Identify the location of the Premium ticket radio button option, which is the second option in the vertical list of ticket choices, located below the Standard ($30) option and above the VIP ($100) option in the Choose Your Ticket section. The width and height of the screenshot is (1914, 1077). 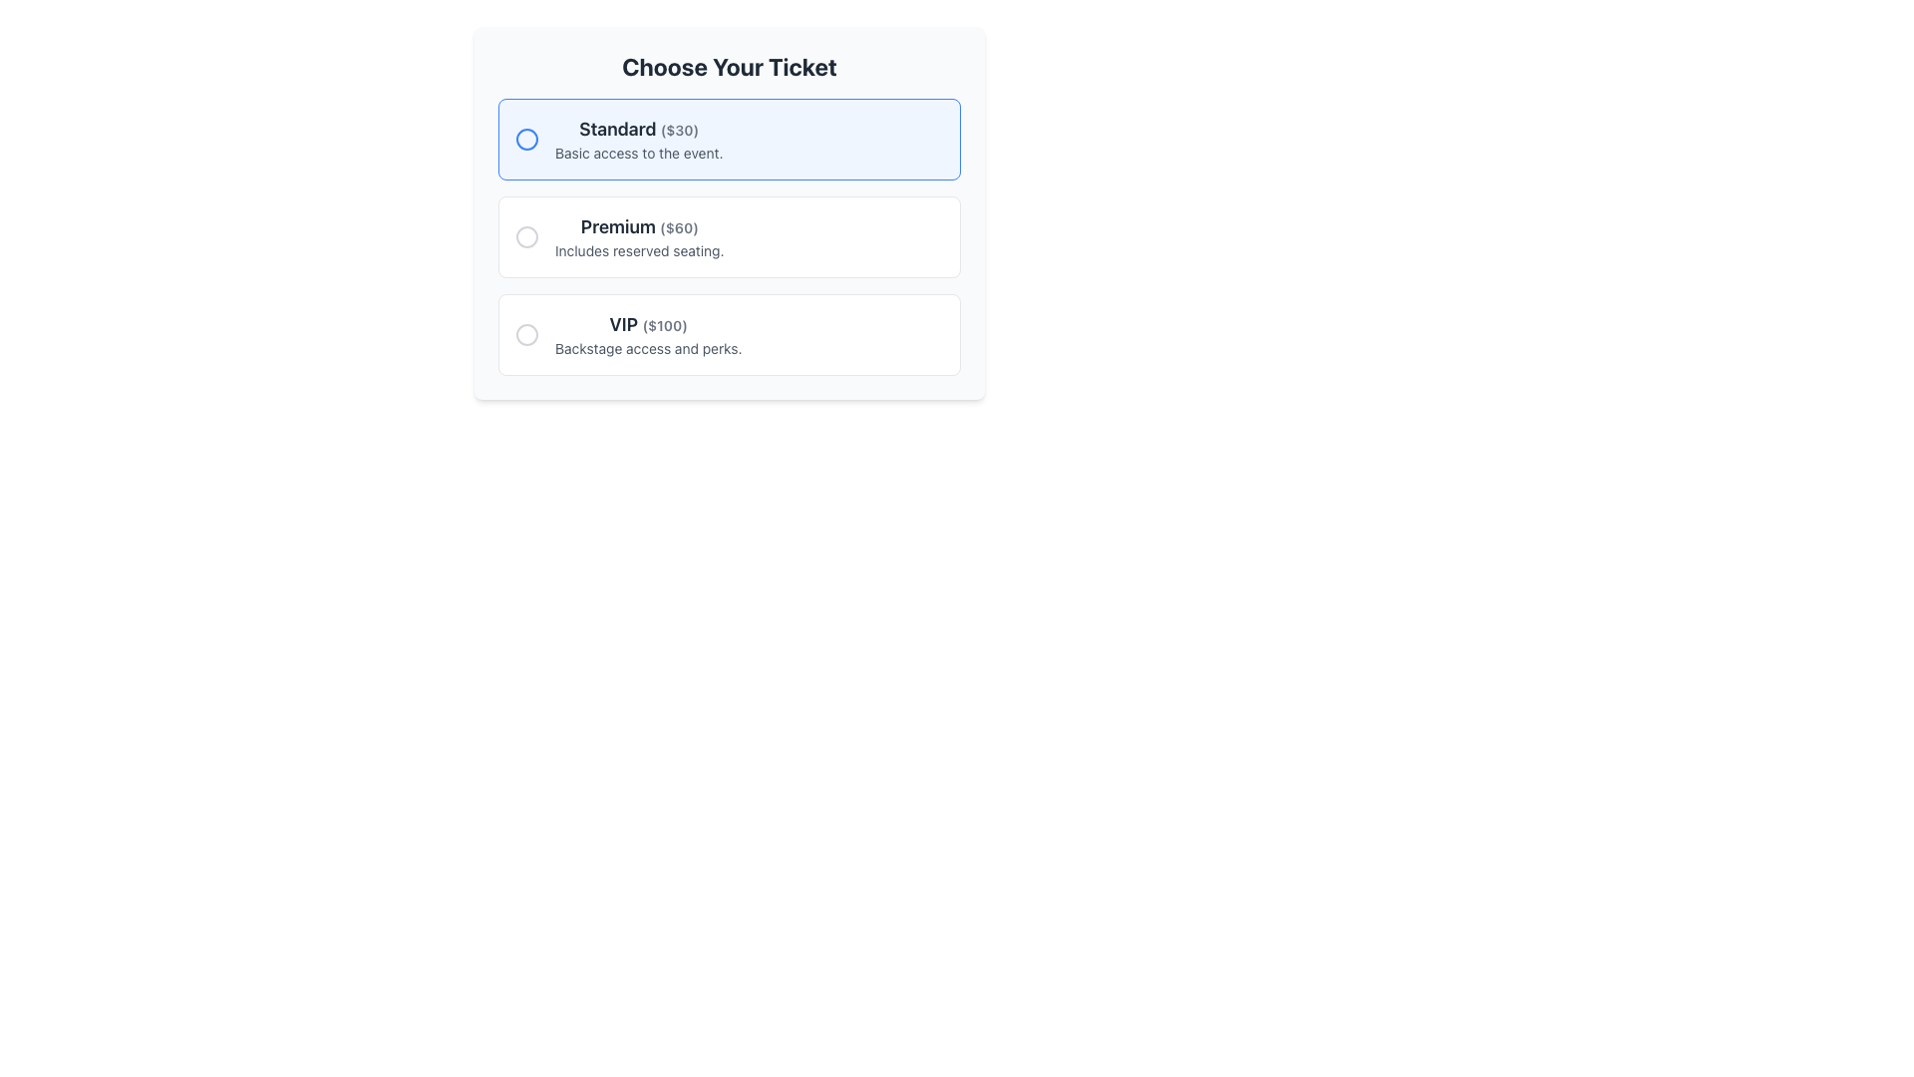
(728, 236).